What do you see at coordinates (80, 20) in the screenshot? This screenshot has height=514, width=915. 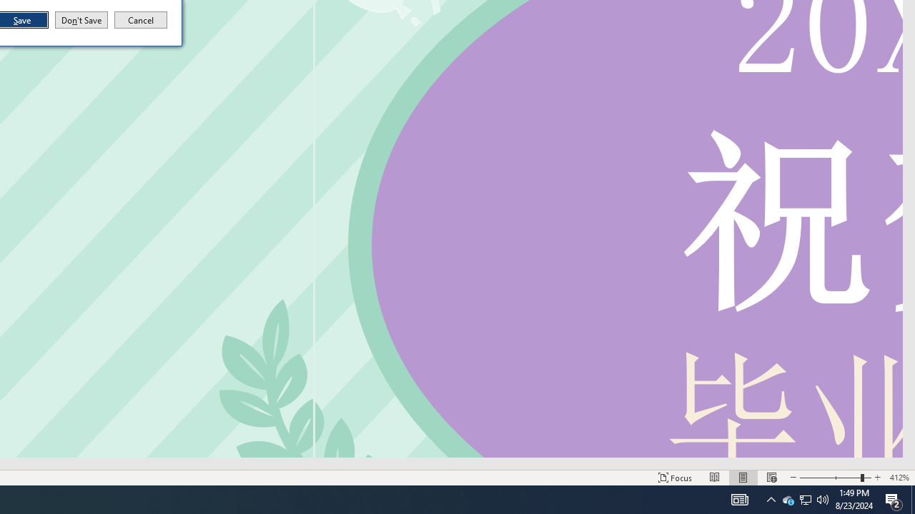 I see `'Don'` at bounding box center [80, 20].